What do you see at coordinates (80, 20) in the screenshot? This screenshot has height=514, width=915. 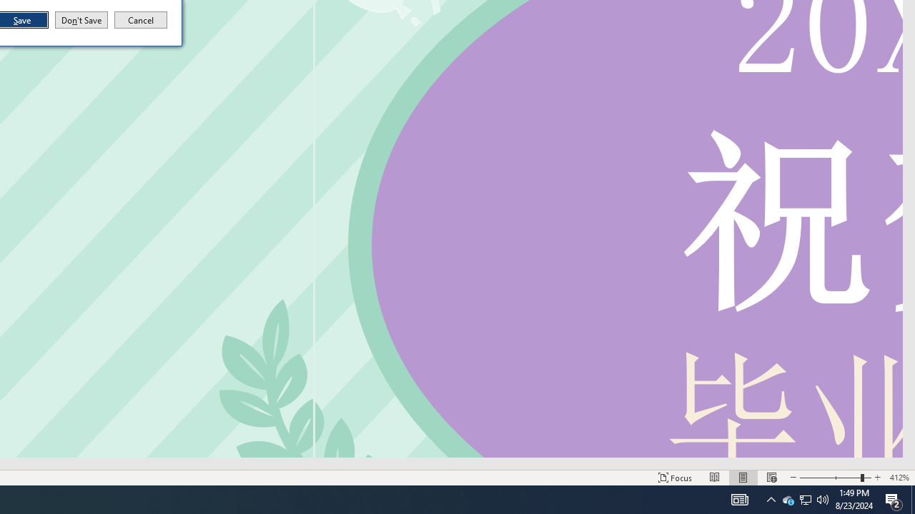 I see `'Don'` at bounding box center [80, 20].